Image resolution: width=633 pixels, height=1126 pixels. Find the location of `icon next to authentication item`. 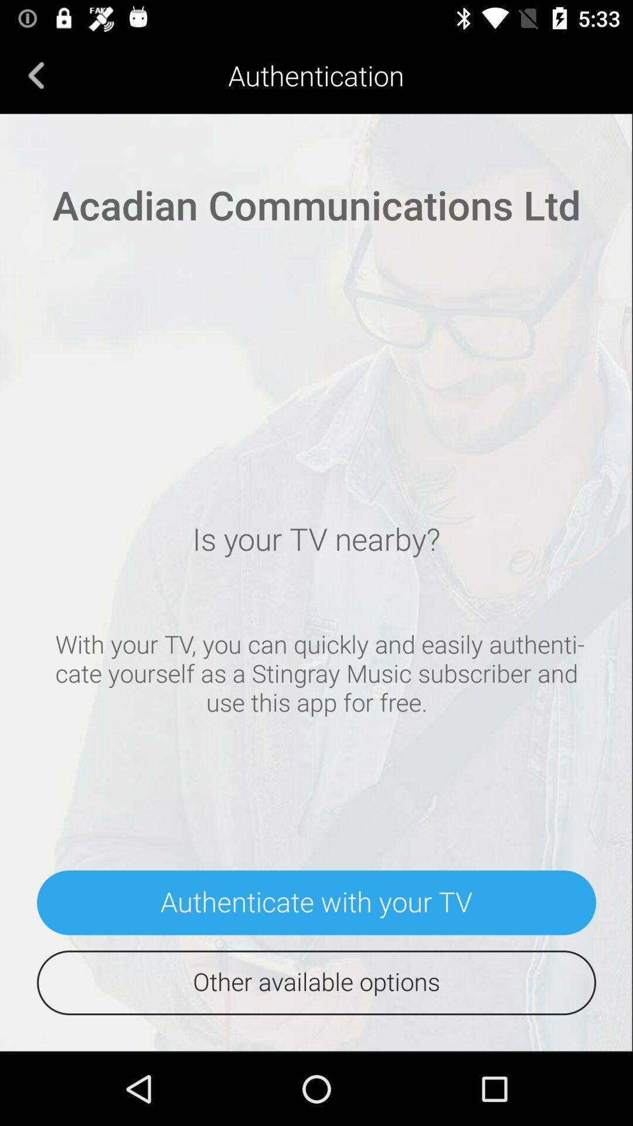

icon next to authentication item is located at coordinates (36, 74).